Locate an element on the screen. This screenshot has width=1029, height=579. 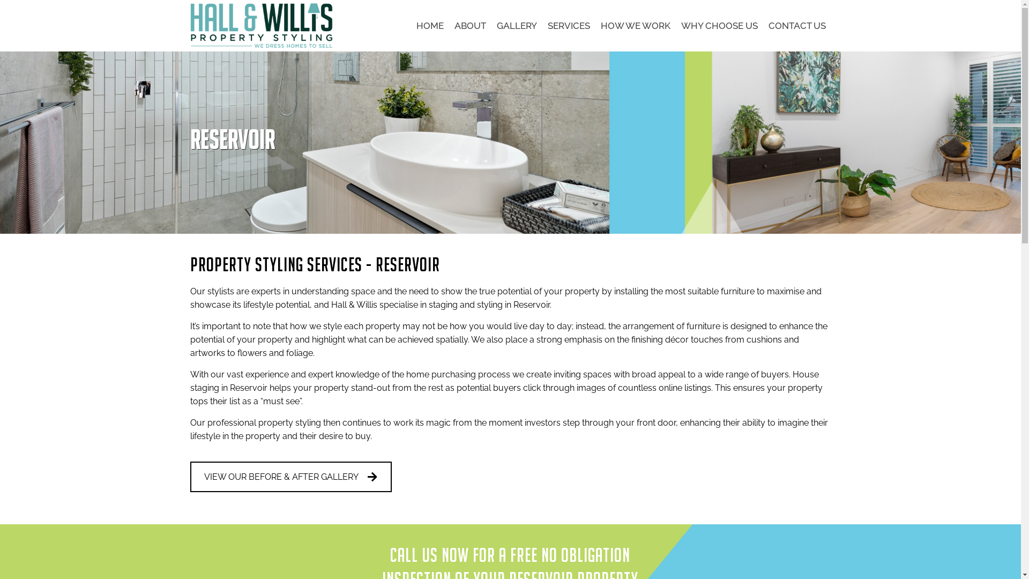
'WHY CHOOSE US' is located at coordinates (719, 25).